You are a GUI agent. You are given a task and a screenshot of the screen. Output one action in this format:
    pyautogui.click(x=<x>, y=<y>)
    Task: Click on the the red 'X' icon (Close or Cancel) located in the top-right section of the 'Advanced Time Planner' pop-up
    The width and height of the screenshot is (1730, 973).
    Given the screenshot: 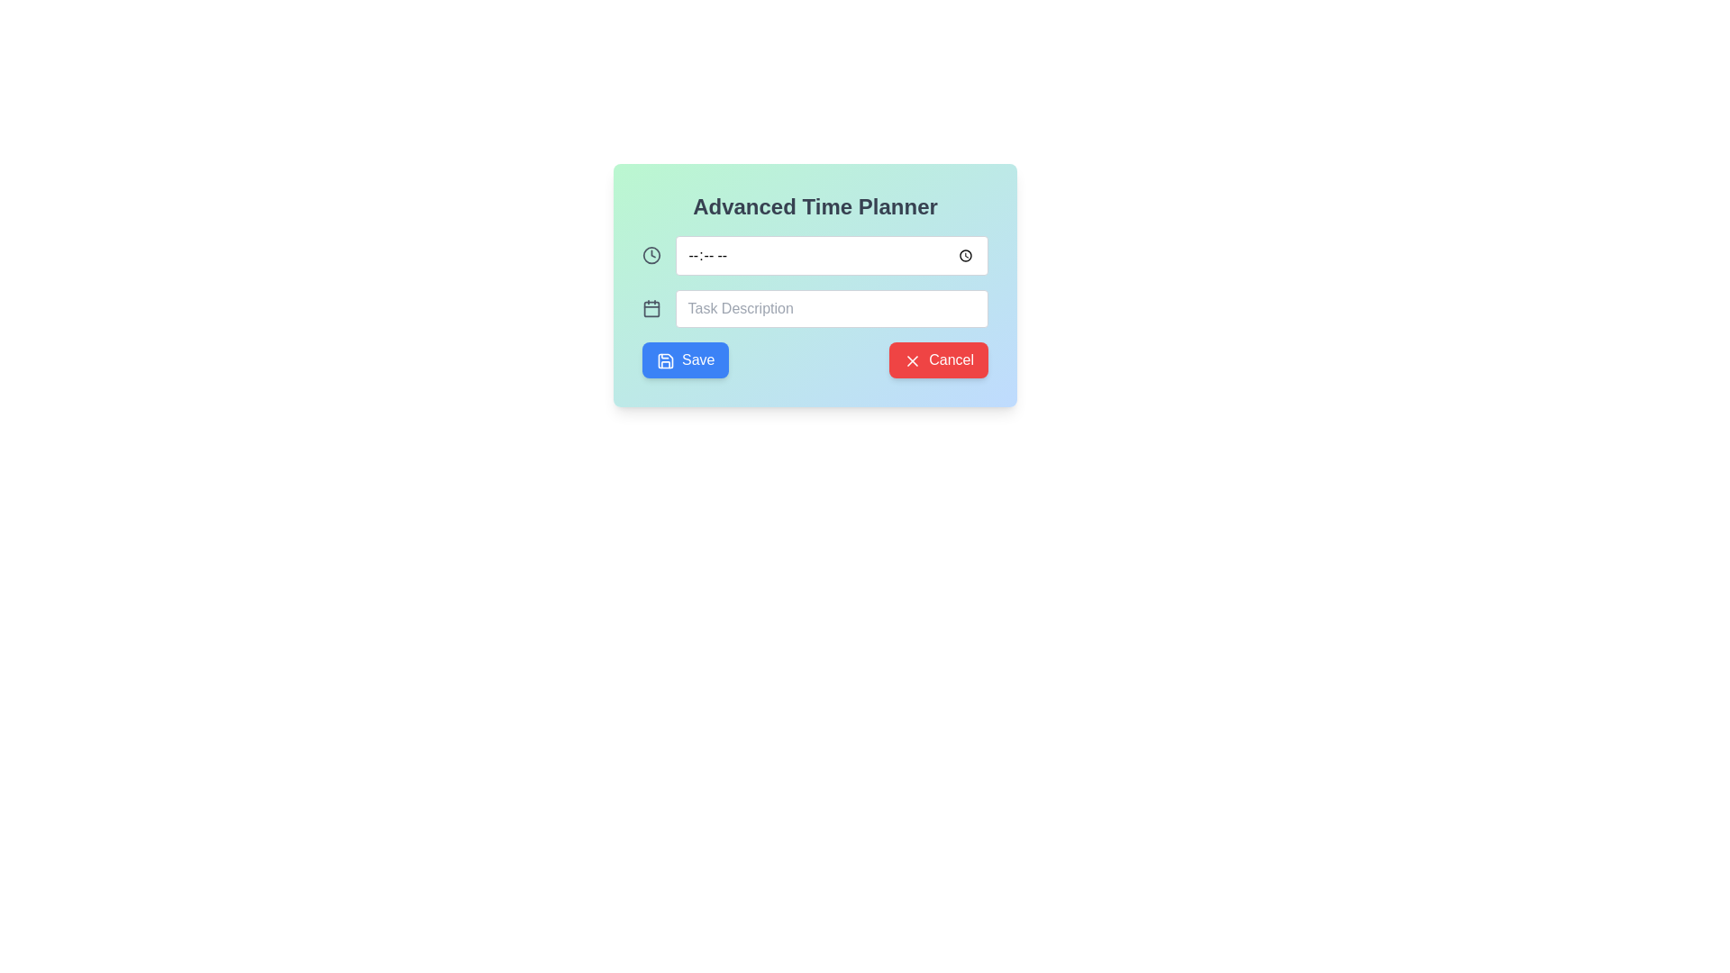 What is the action you would take?
    pyautogui.click(x=913, y=360)
    